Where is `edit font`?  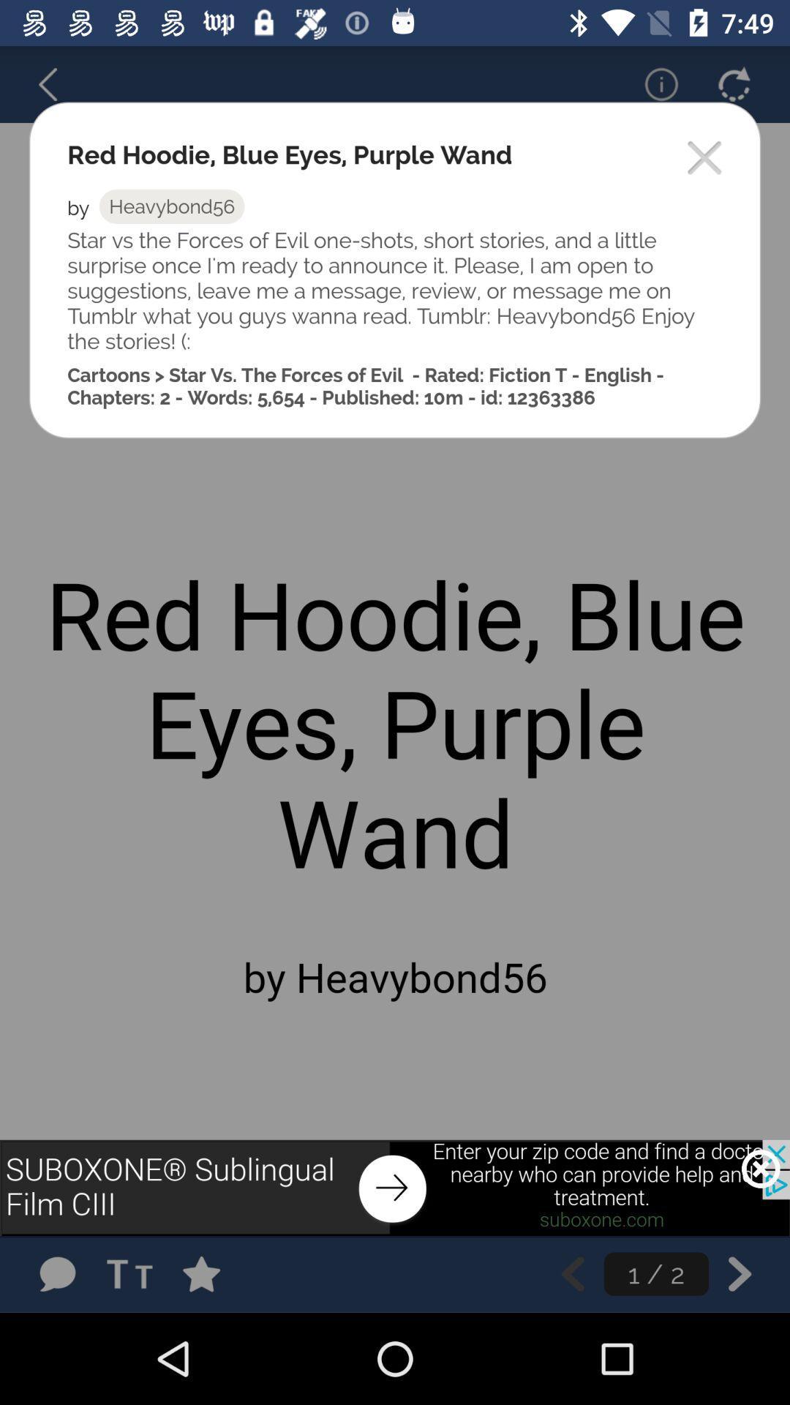 edit font is located at coordinates (134, 1273).